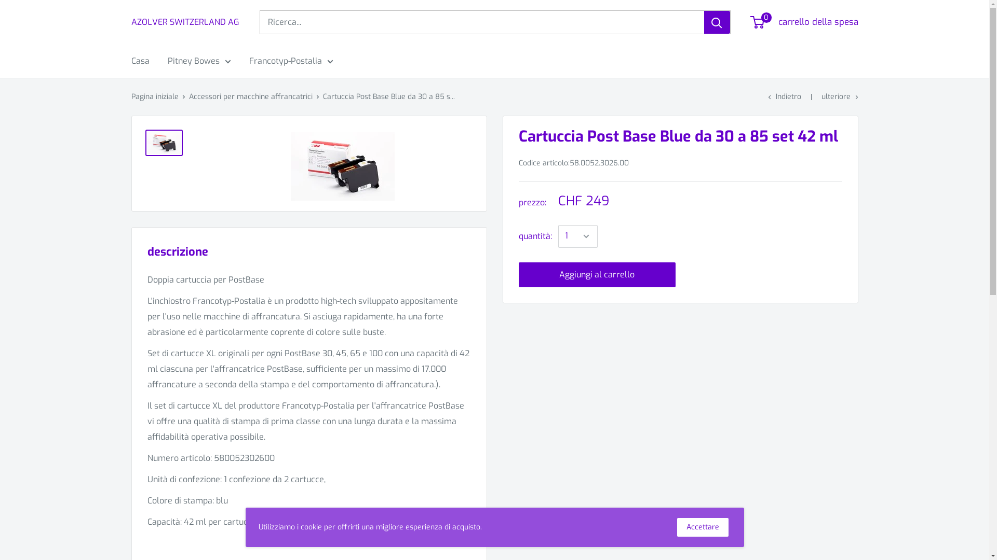  I want to click on 'Francotyp-Postalia', so click(291, 61).